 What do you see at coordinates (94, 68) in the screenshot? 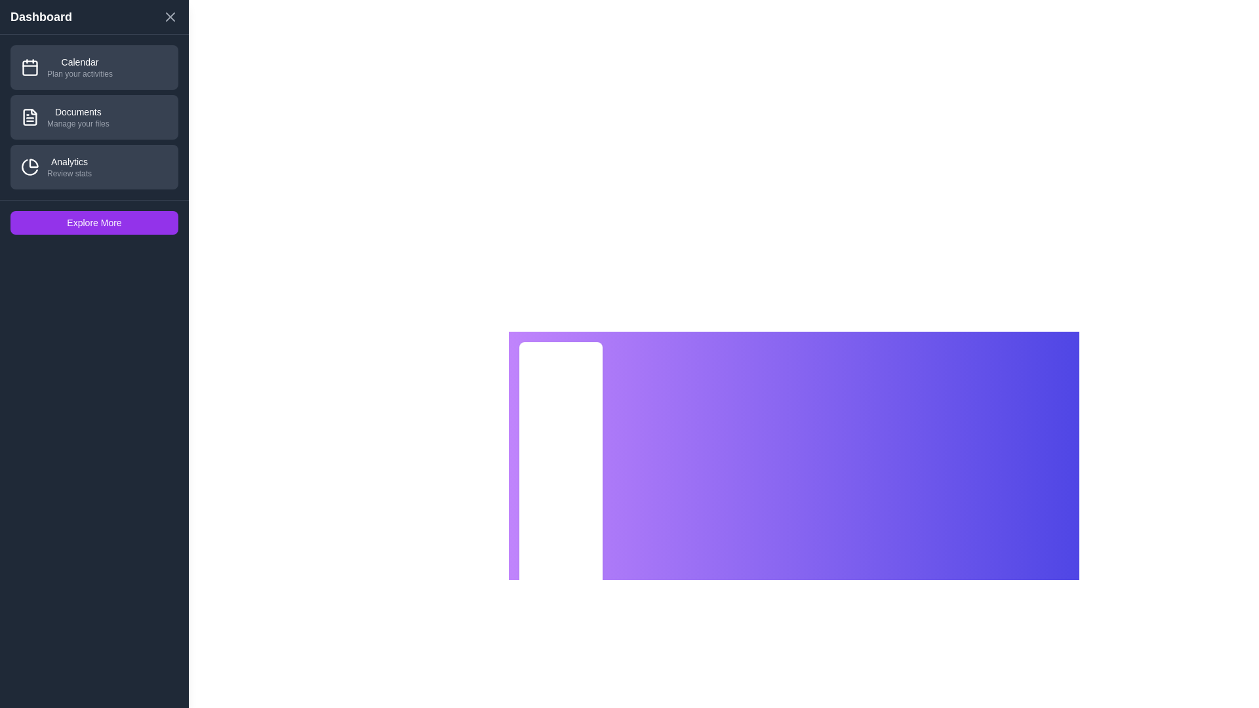
I see `the section Calendar by clicking on its list item` at bounding box center [94, 68].